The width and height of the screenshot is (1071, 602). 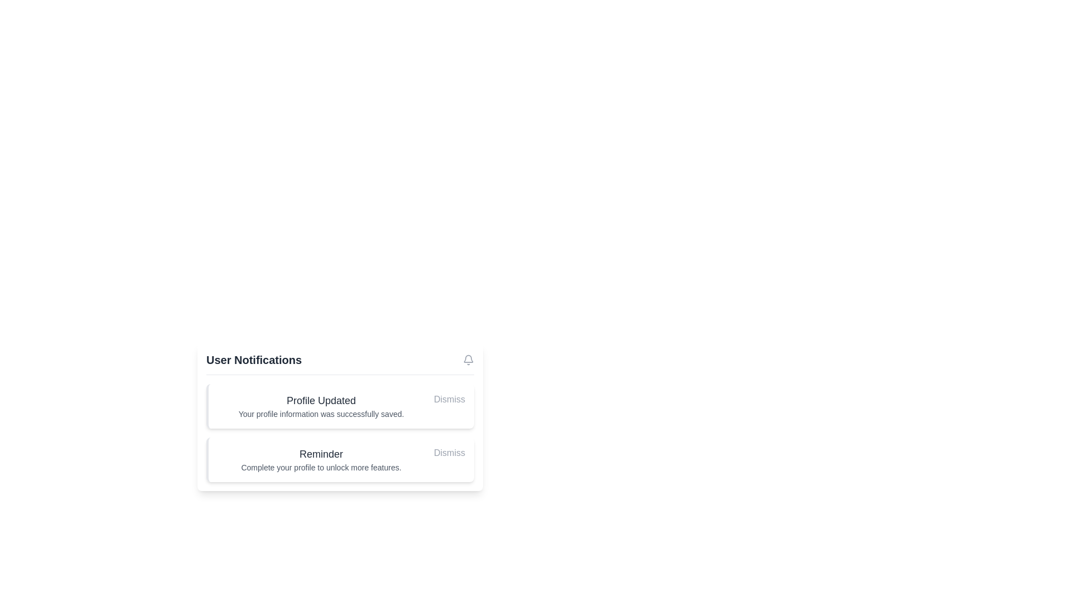 I want to click on the bell icon to interact with it, so click(x=469, y=360).